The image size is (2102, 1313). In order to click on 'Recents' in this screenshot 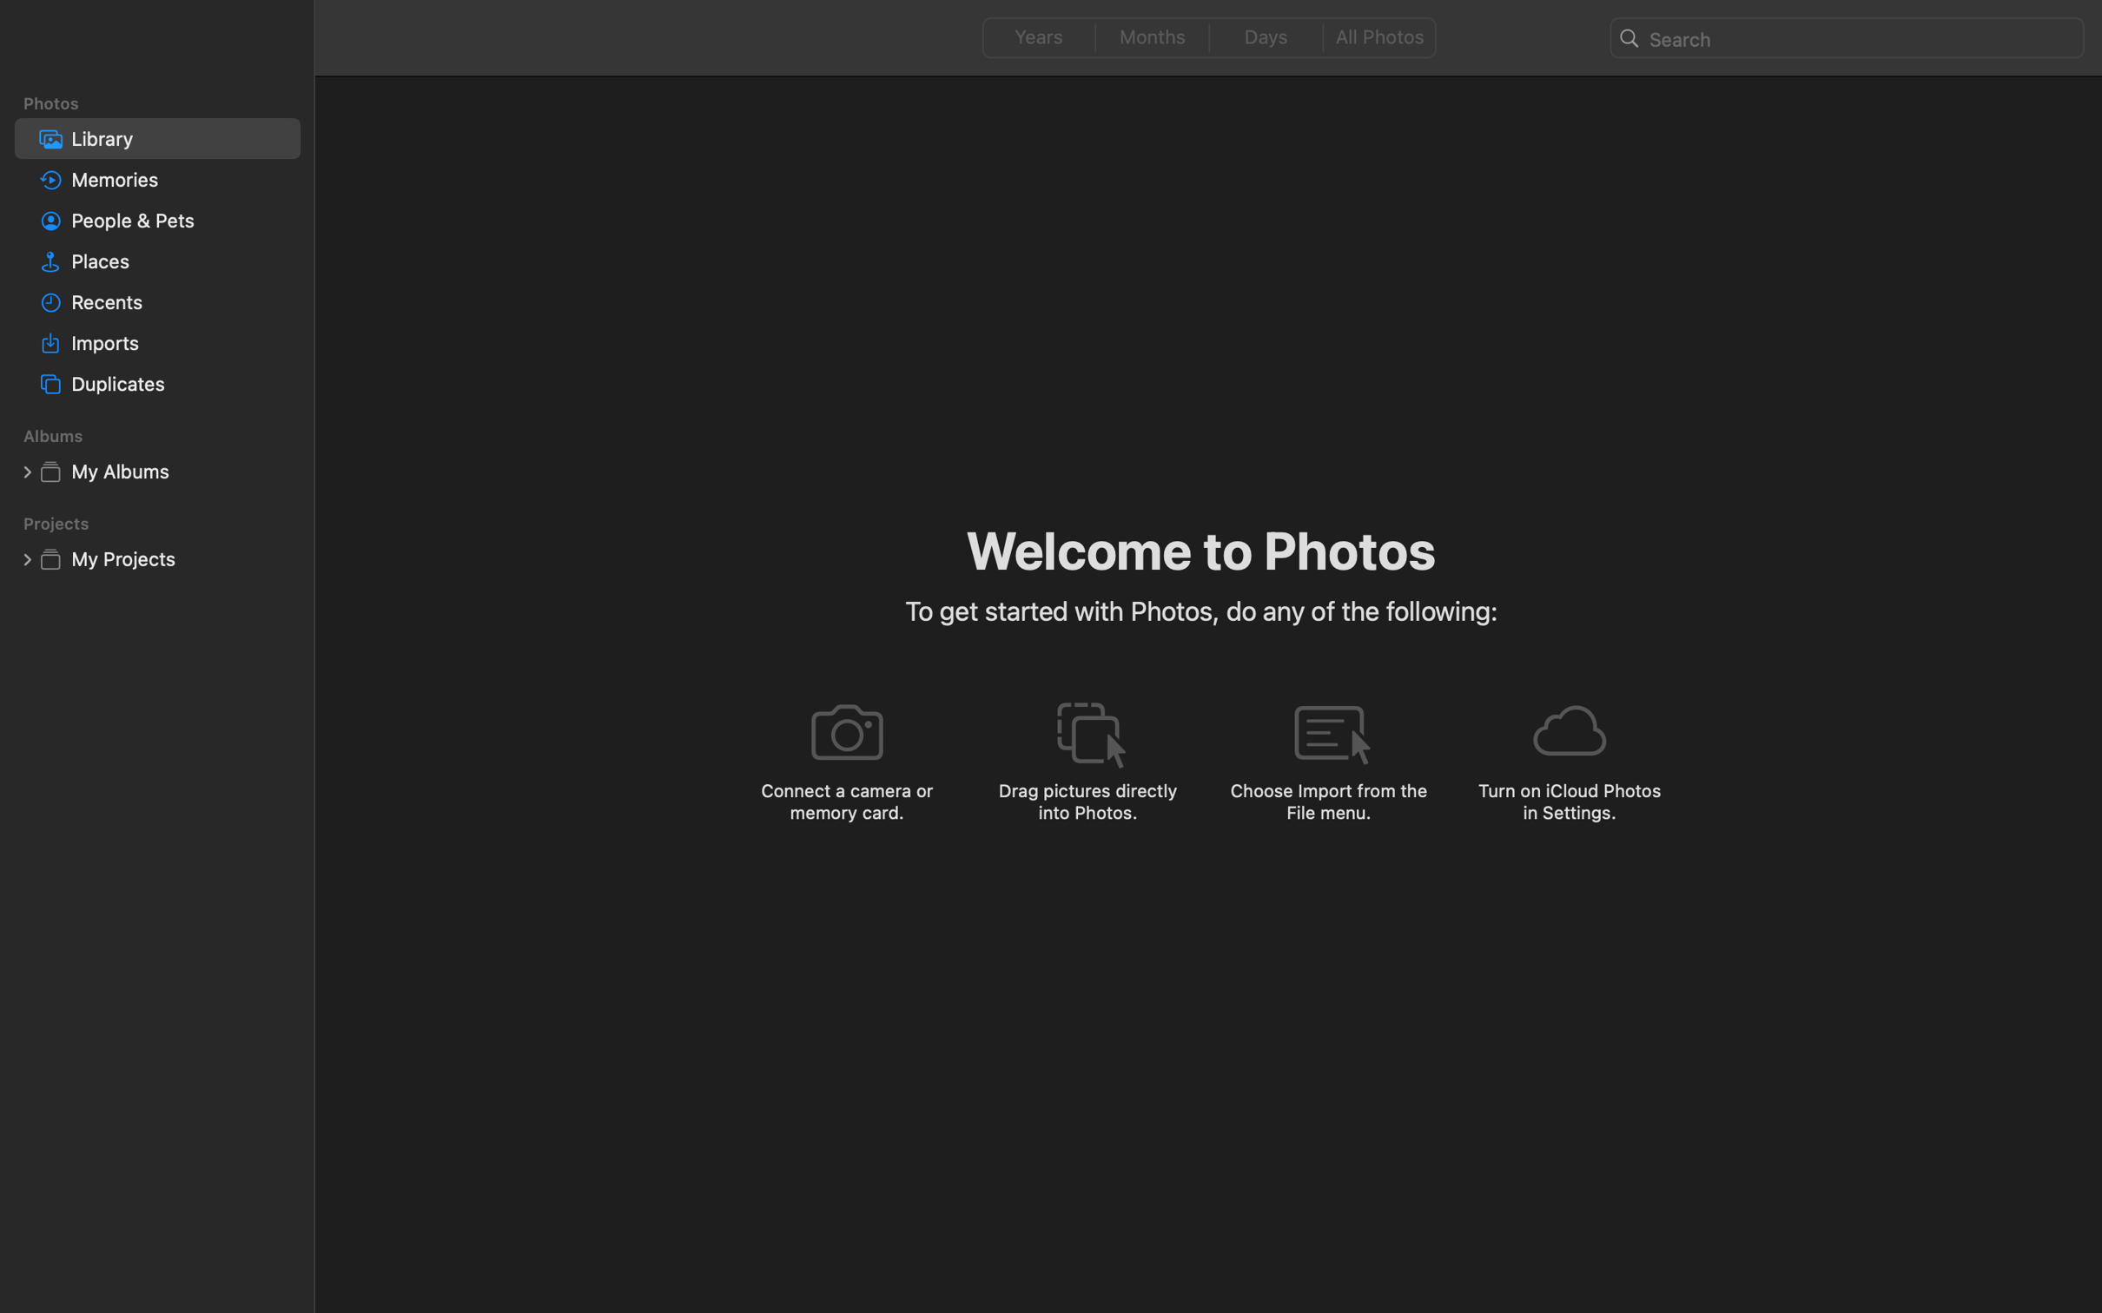, I will do `click(181, 302)`.